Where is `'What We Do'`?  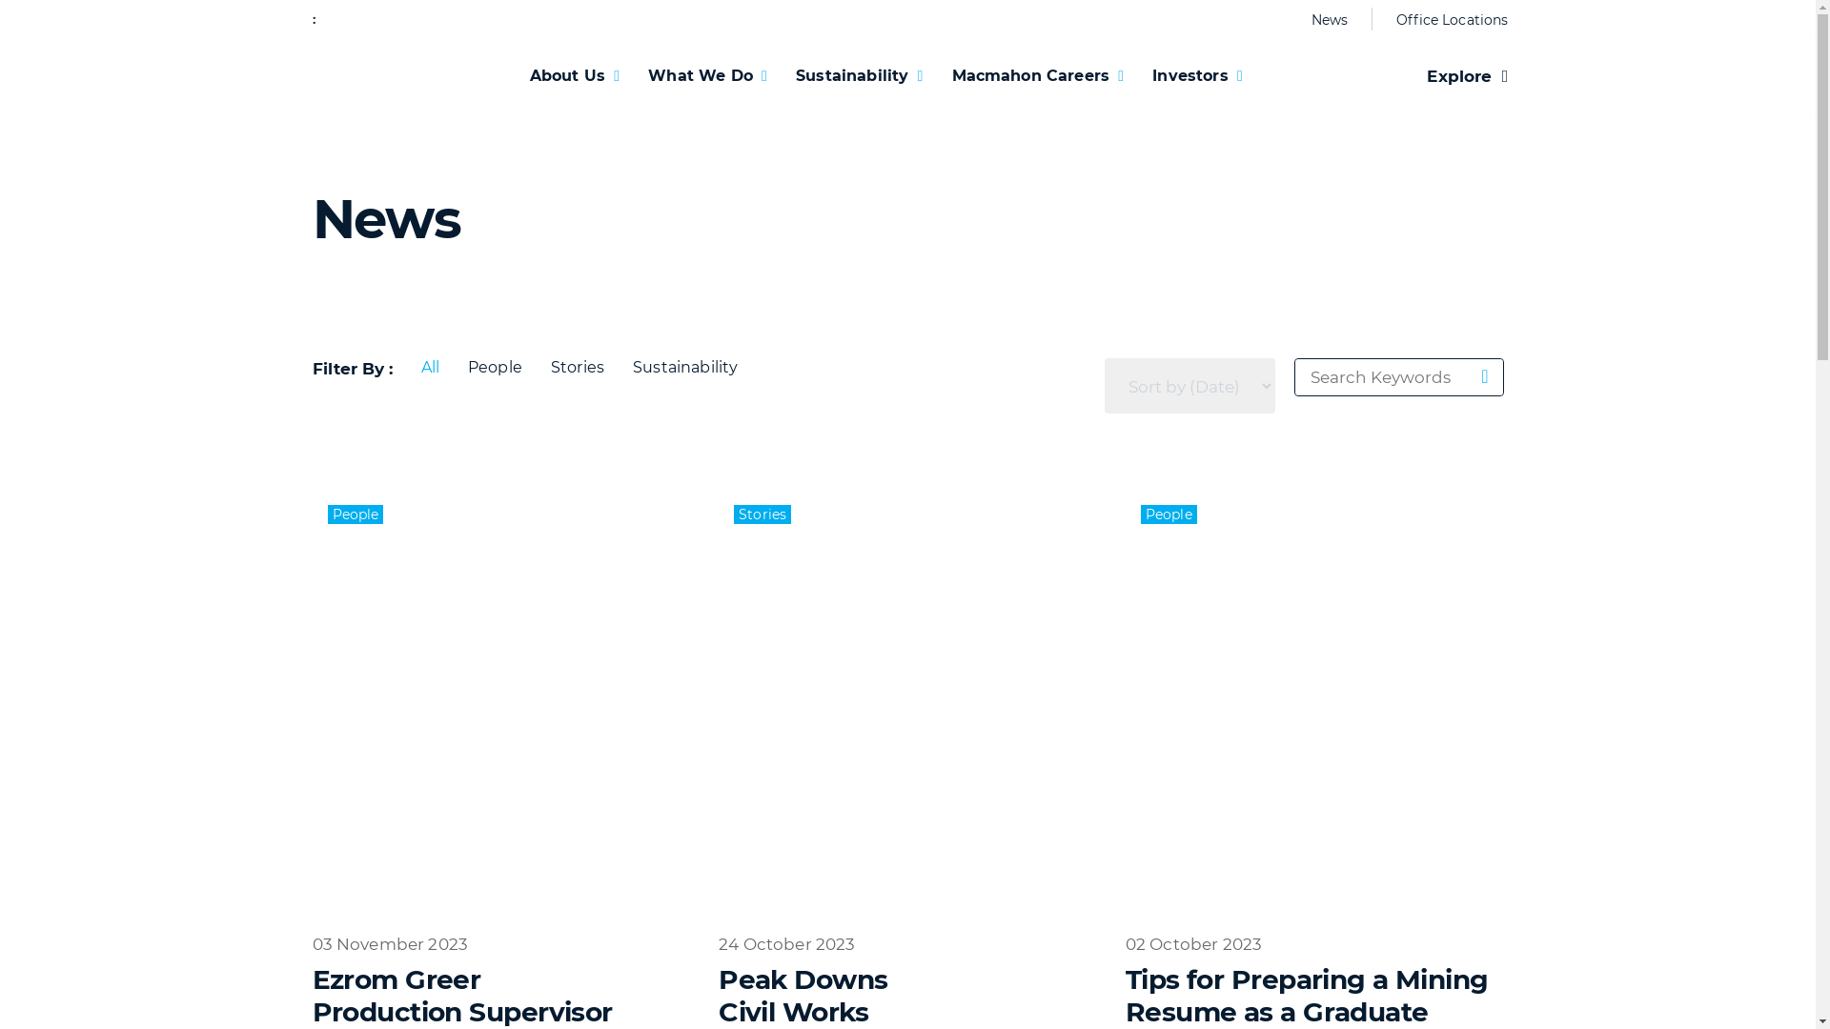
'What We Do' is located at coordinates (634, 74).